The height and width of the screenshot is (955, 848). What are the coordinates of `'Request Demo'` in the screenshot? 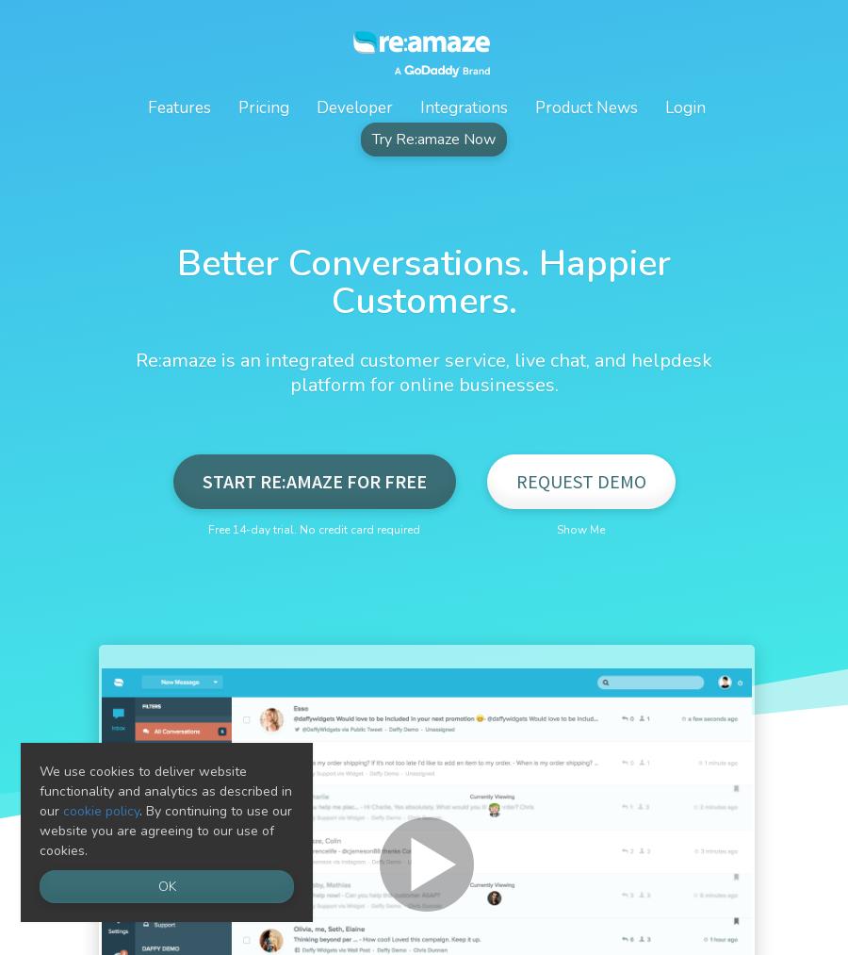 It's located at (579, 481).